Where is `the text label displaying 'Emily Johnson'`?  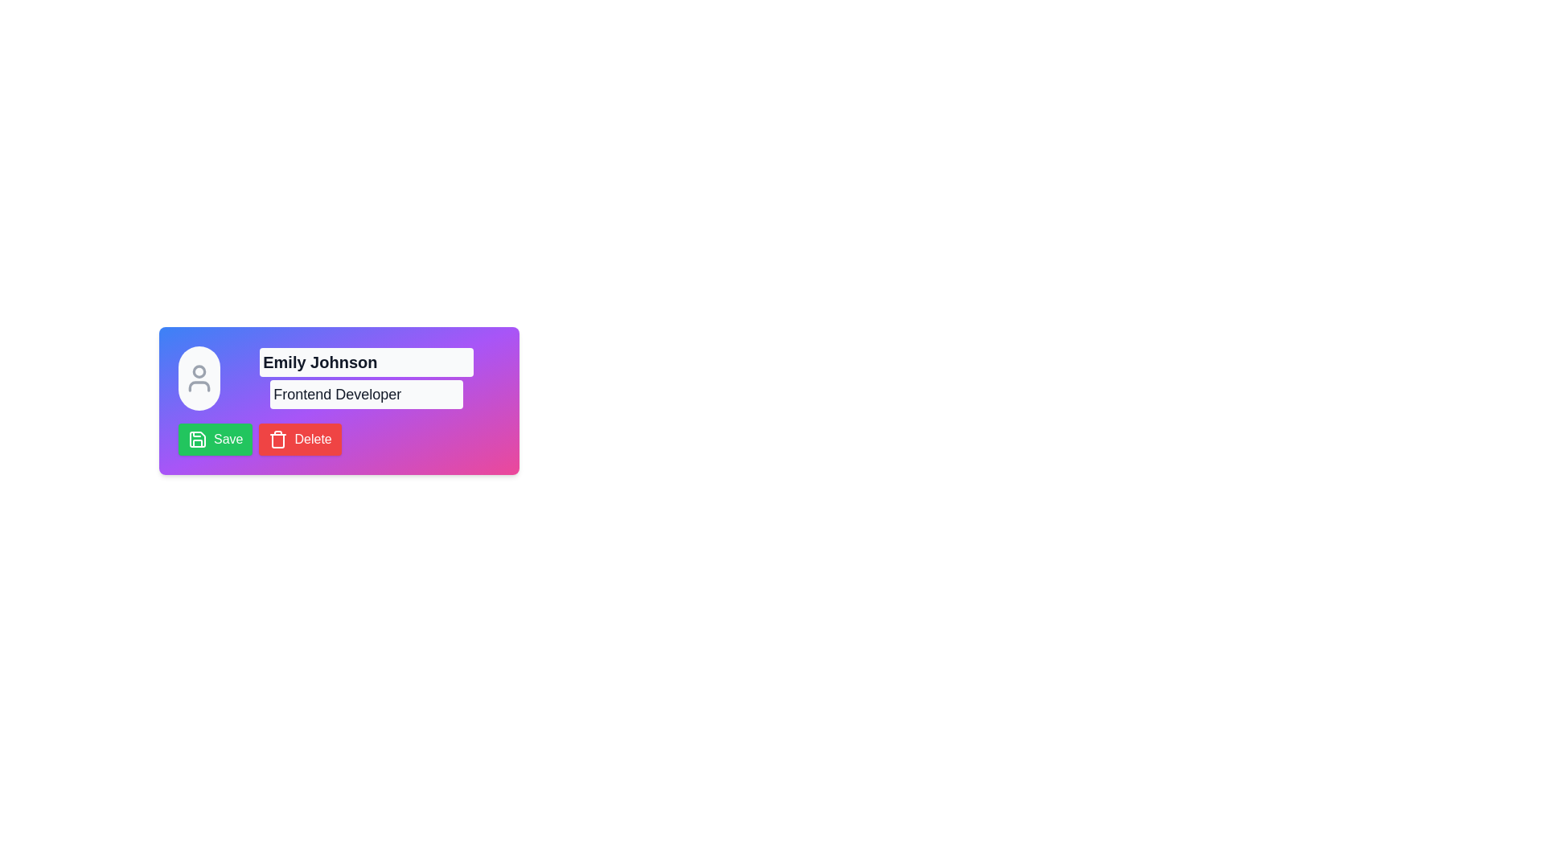 the text label displaying 'Emily Johnson' is located at coordinates (366, 362).